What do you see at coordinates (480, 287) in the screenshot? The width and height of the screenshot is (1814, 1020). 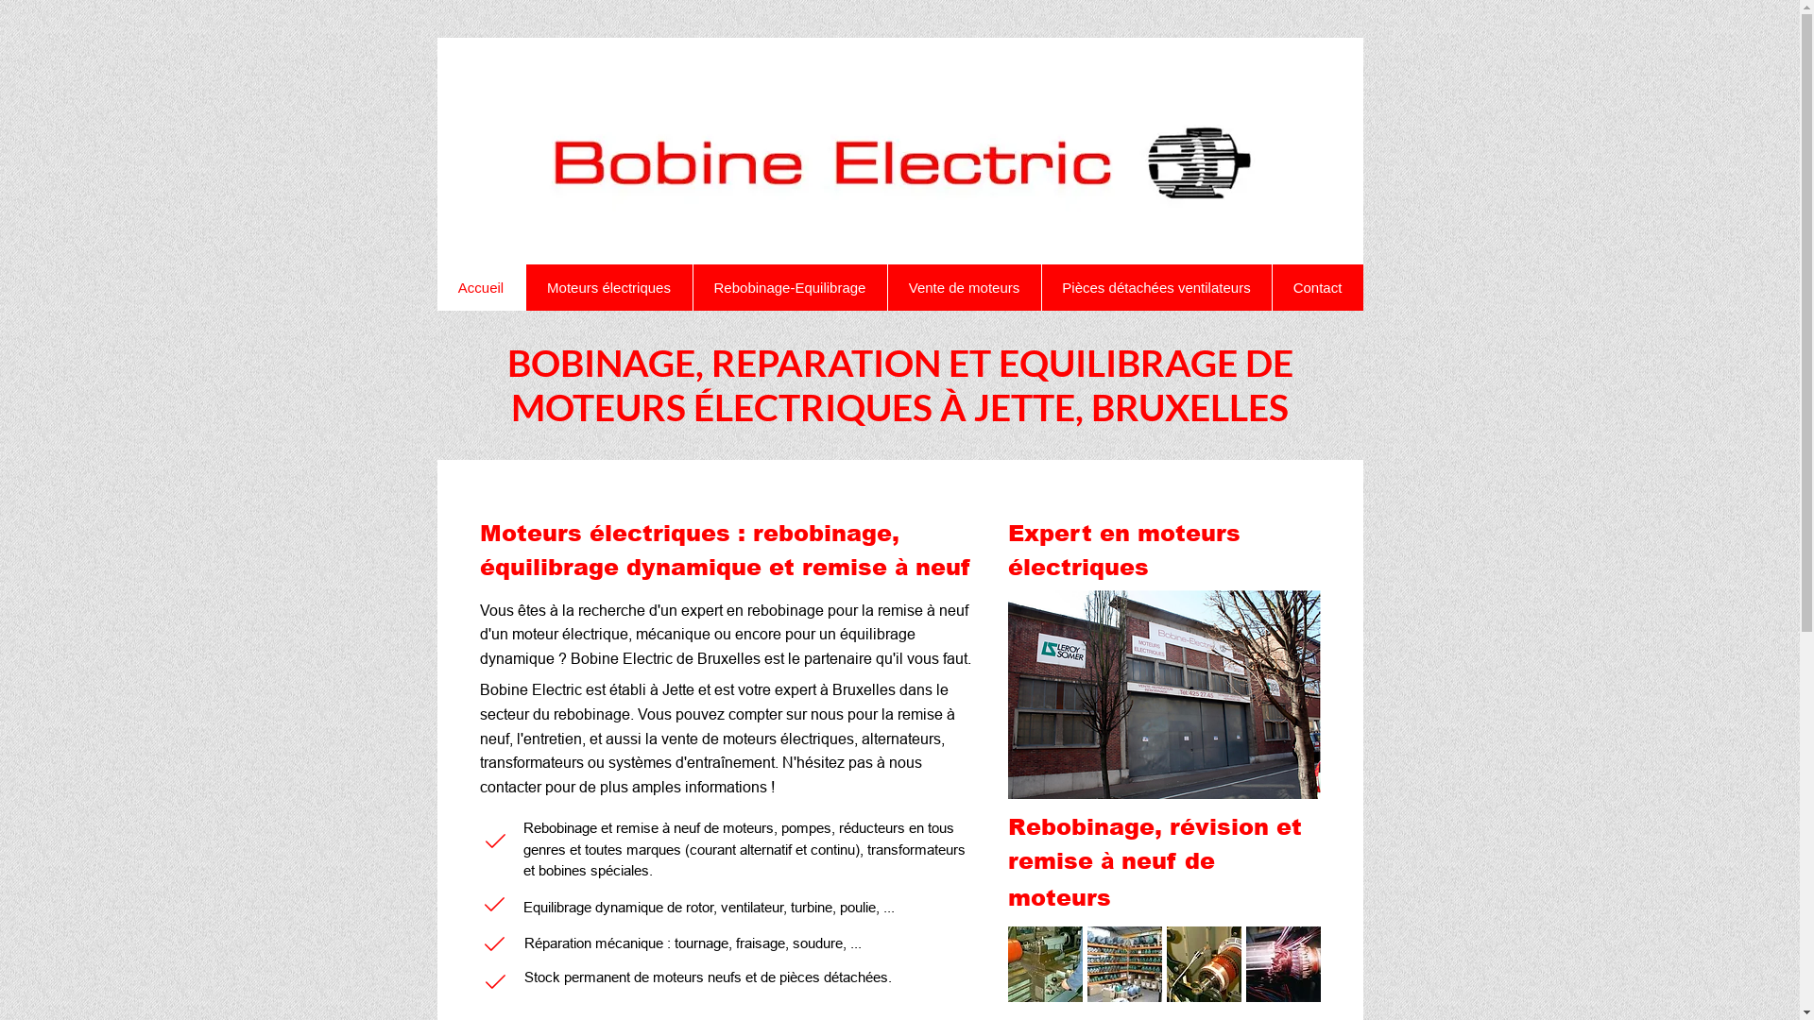 I see `'Accueil'` at bounding box center [480, 287].